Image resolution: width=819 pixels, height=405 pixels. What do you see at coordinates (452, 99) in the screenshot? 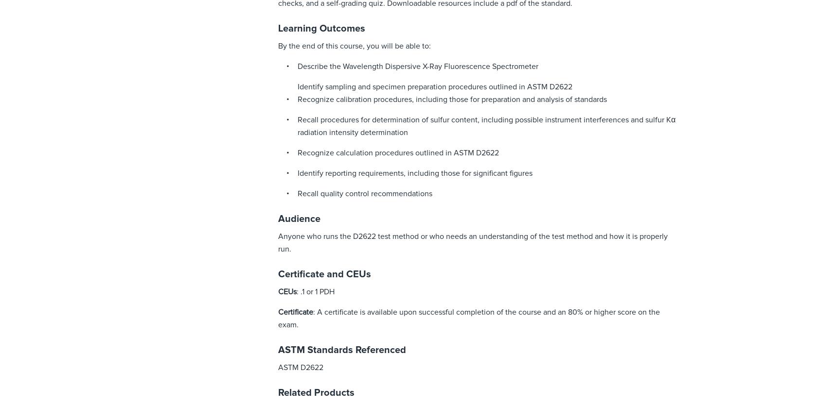
I see `'Recognize calibration procedures, including those for preparation and
analysis of standards'` at bounding box center [452, 99].